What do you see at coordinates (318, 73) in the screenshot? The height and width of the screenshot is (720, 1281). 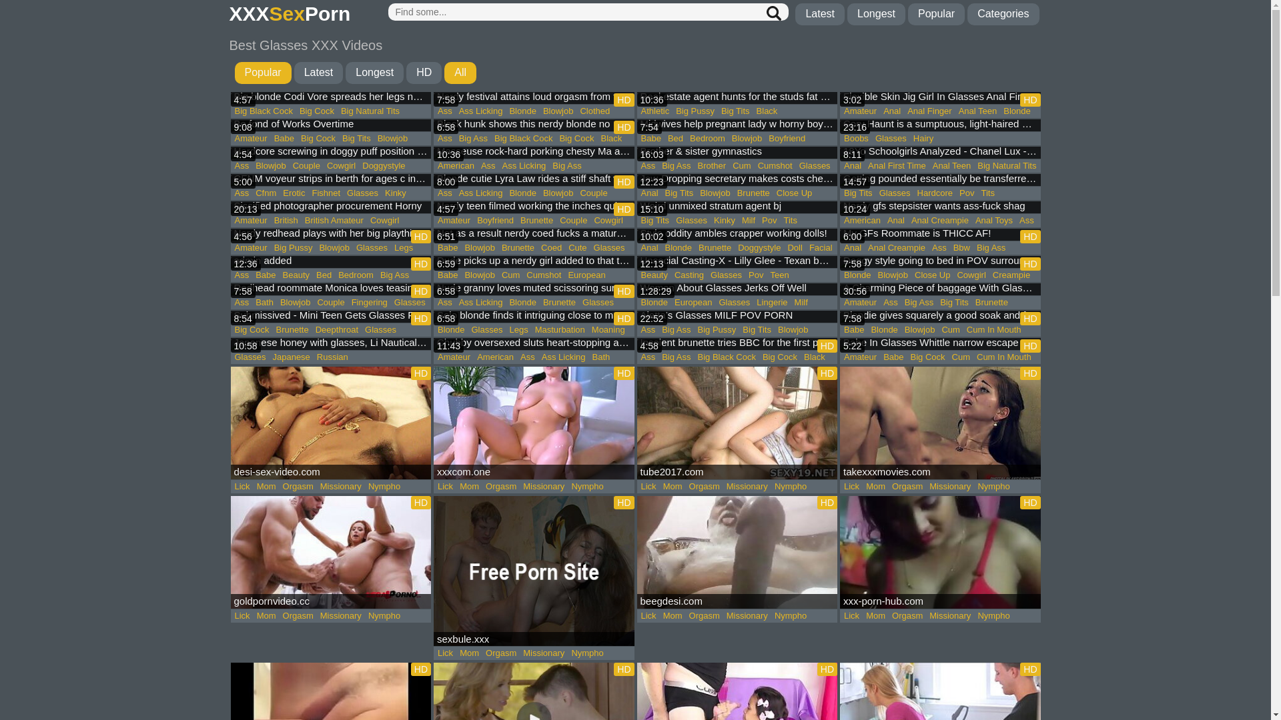 I see `'Latest'` at bounding box center [318, 73].